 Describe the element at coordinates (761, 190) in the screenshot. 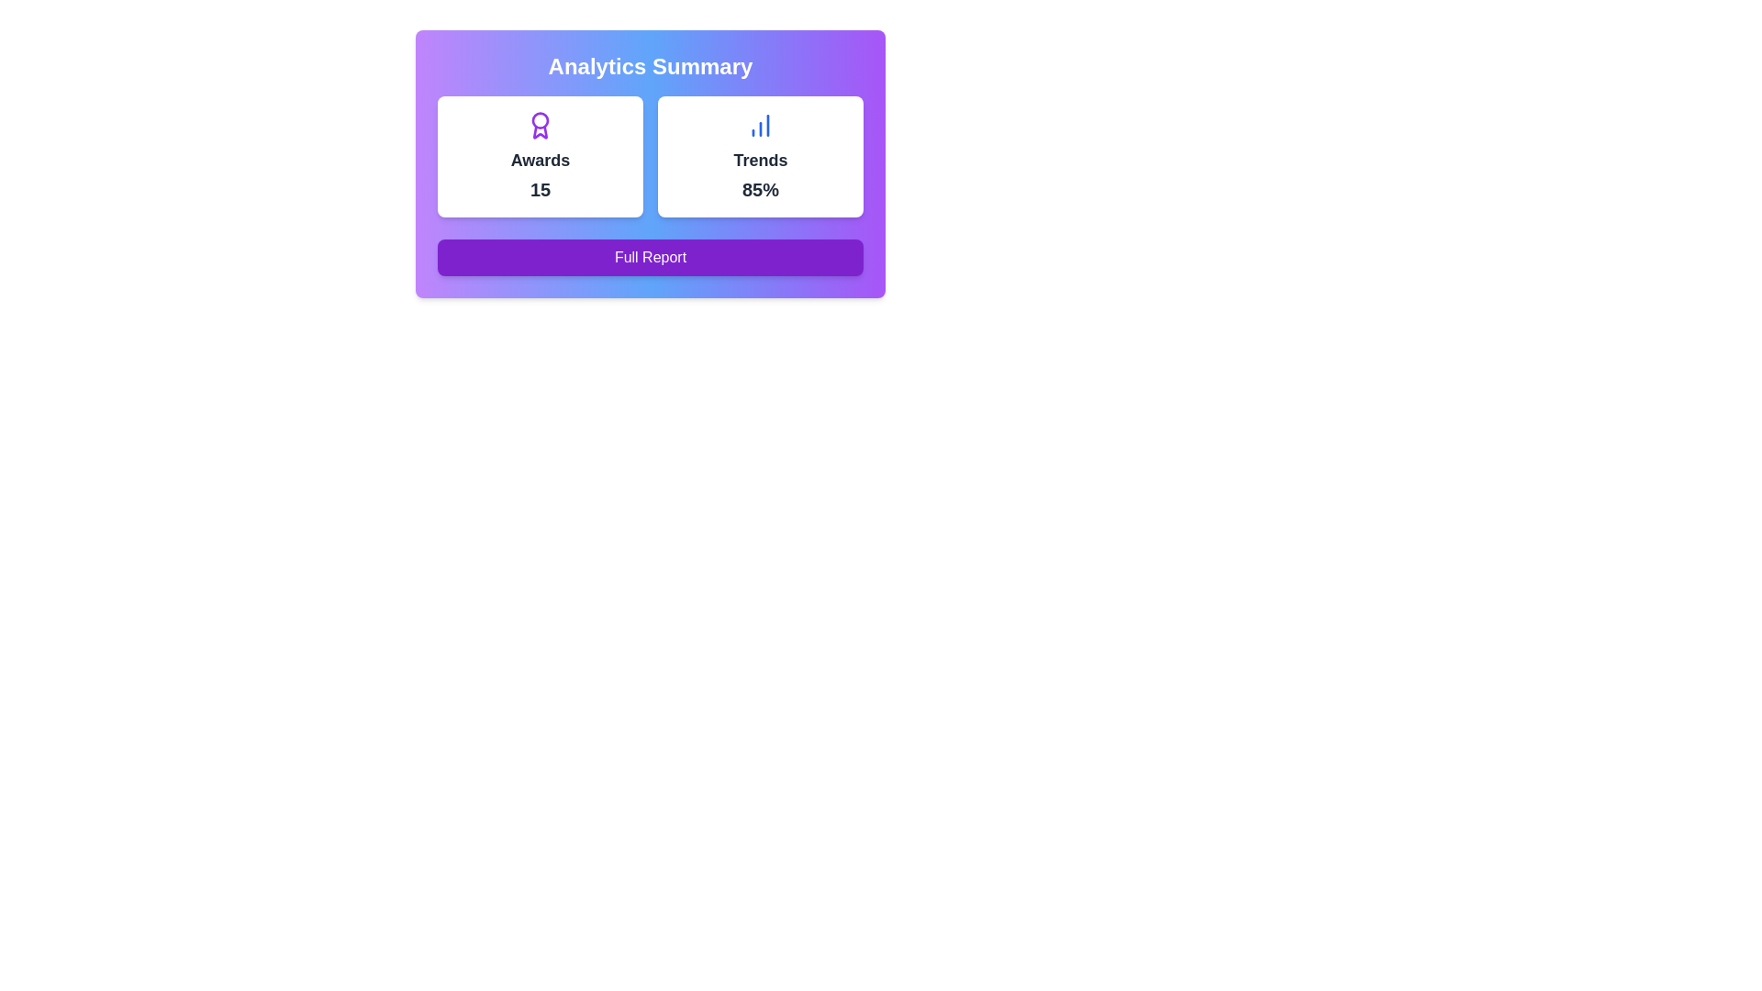

I see `the static text displaying '85%' which is bold and centrally aligned beneath the 'Trends' label in the right-side card of the main interface` at that location.